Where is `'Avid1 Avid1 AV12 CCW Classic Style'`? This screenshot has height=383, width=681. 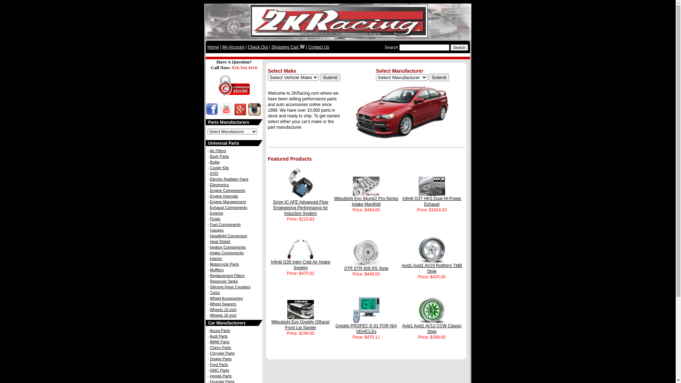
'Avid1 Avid1 AV12 CCW Classic Style' is located at coordinates (431, 327).